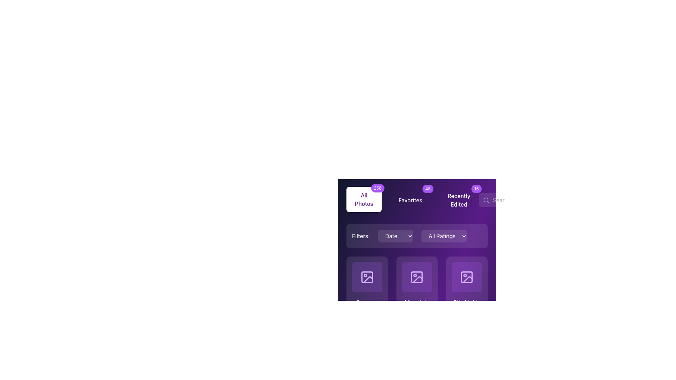 The height and width of the screenshot is (380, 676). What do you see at coordinates (417, 277) in the screenshot?
I see `the icon or thumbnail located in the second column of the first row under the 'Filters' bar in the 'Mountain Trip' frame` at bounding box center [417, 277].